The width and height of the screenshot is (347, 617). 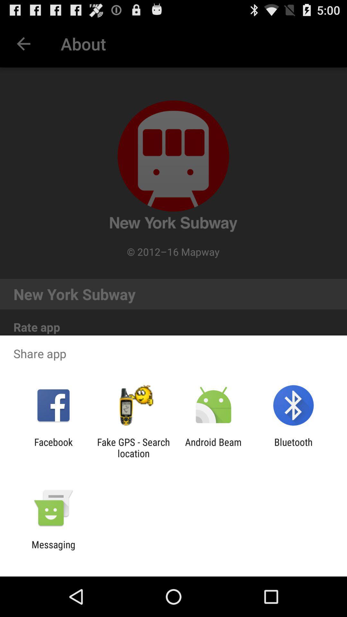 What do you see at coordinates (213, 447) in the screenshot?
I see `the item next to bluetooth item` at bounding box center [213, 447].